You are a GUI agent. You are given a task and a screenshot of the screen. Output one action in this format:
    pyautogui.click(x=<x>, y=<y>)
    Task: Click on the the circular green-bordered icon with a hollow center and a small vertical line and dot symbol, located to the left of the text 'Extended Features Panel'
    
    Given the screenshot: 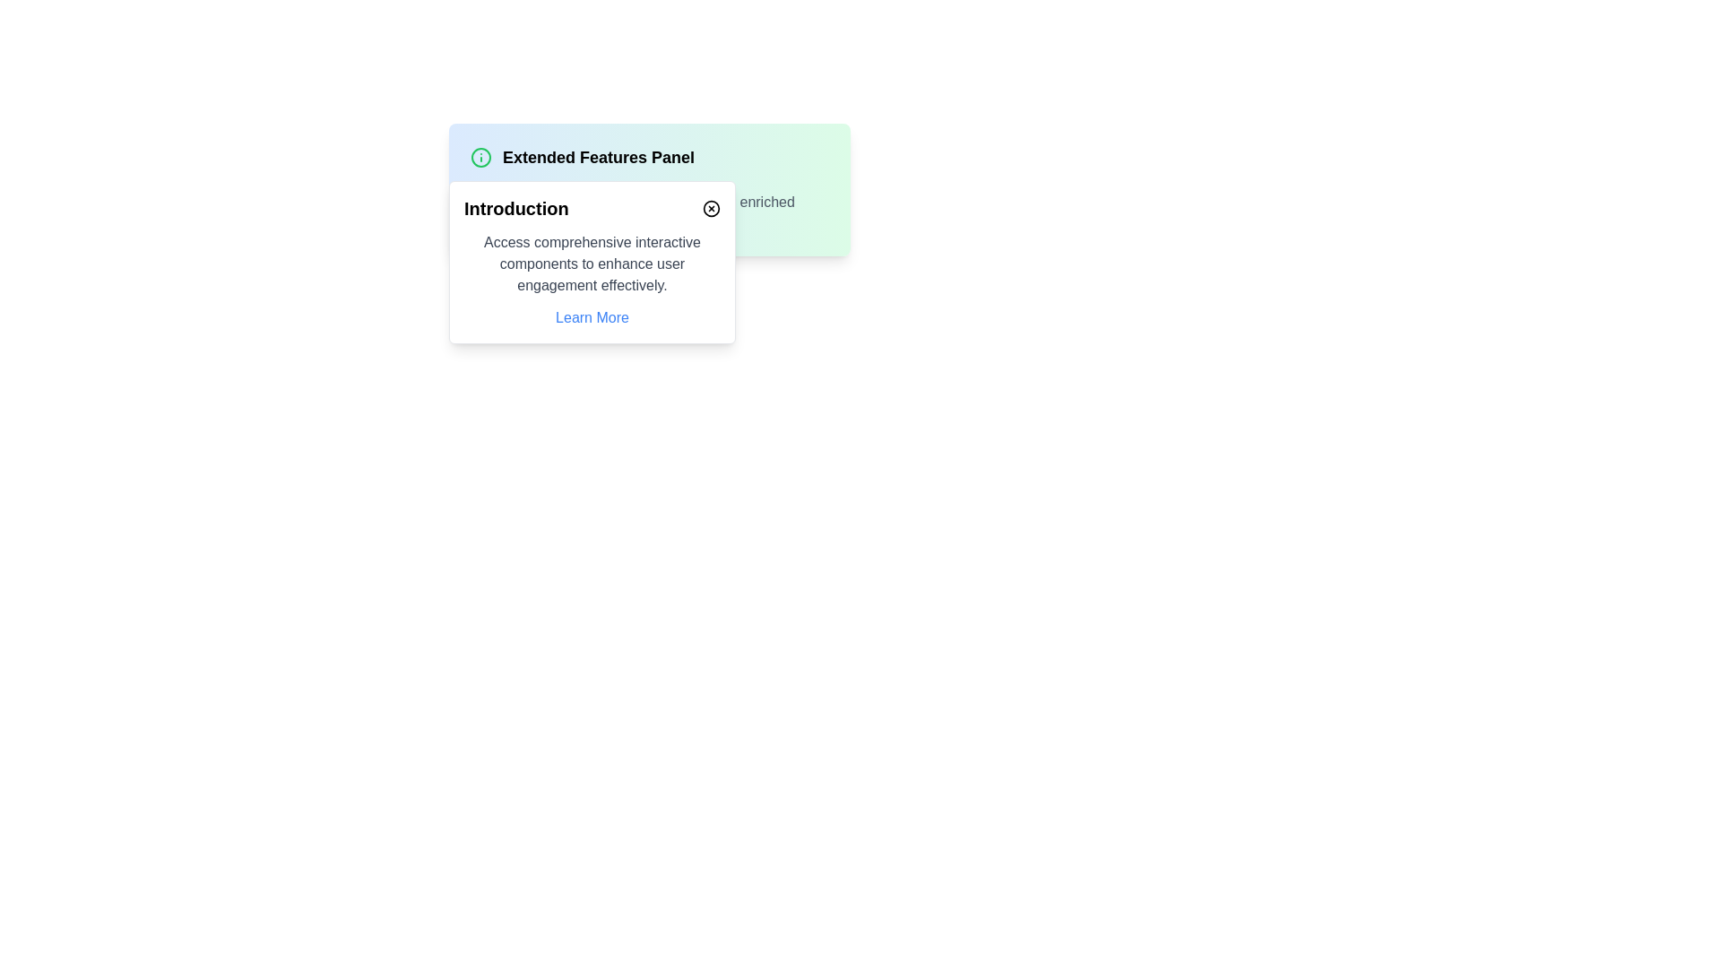 What is the action you would take?
    pyautogui.click(x=481, y=157)
    